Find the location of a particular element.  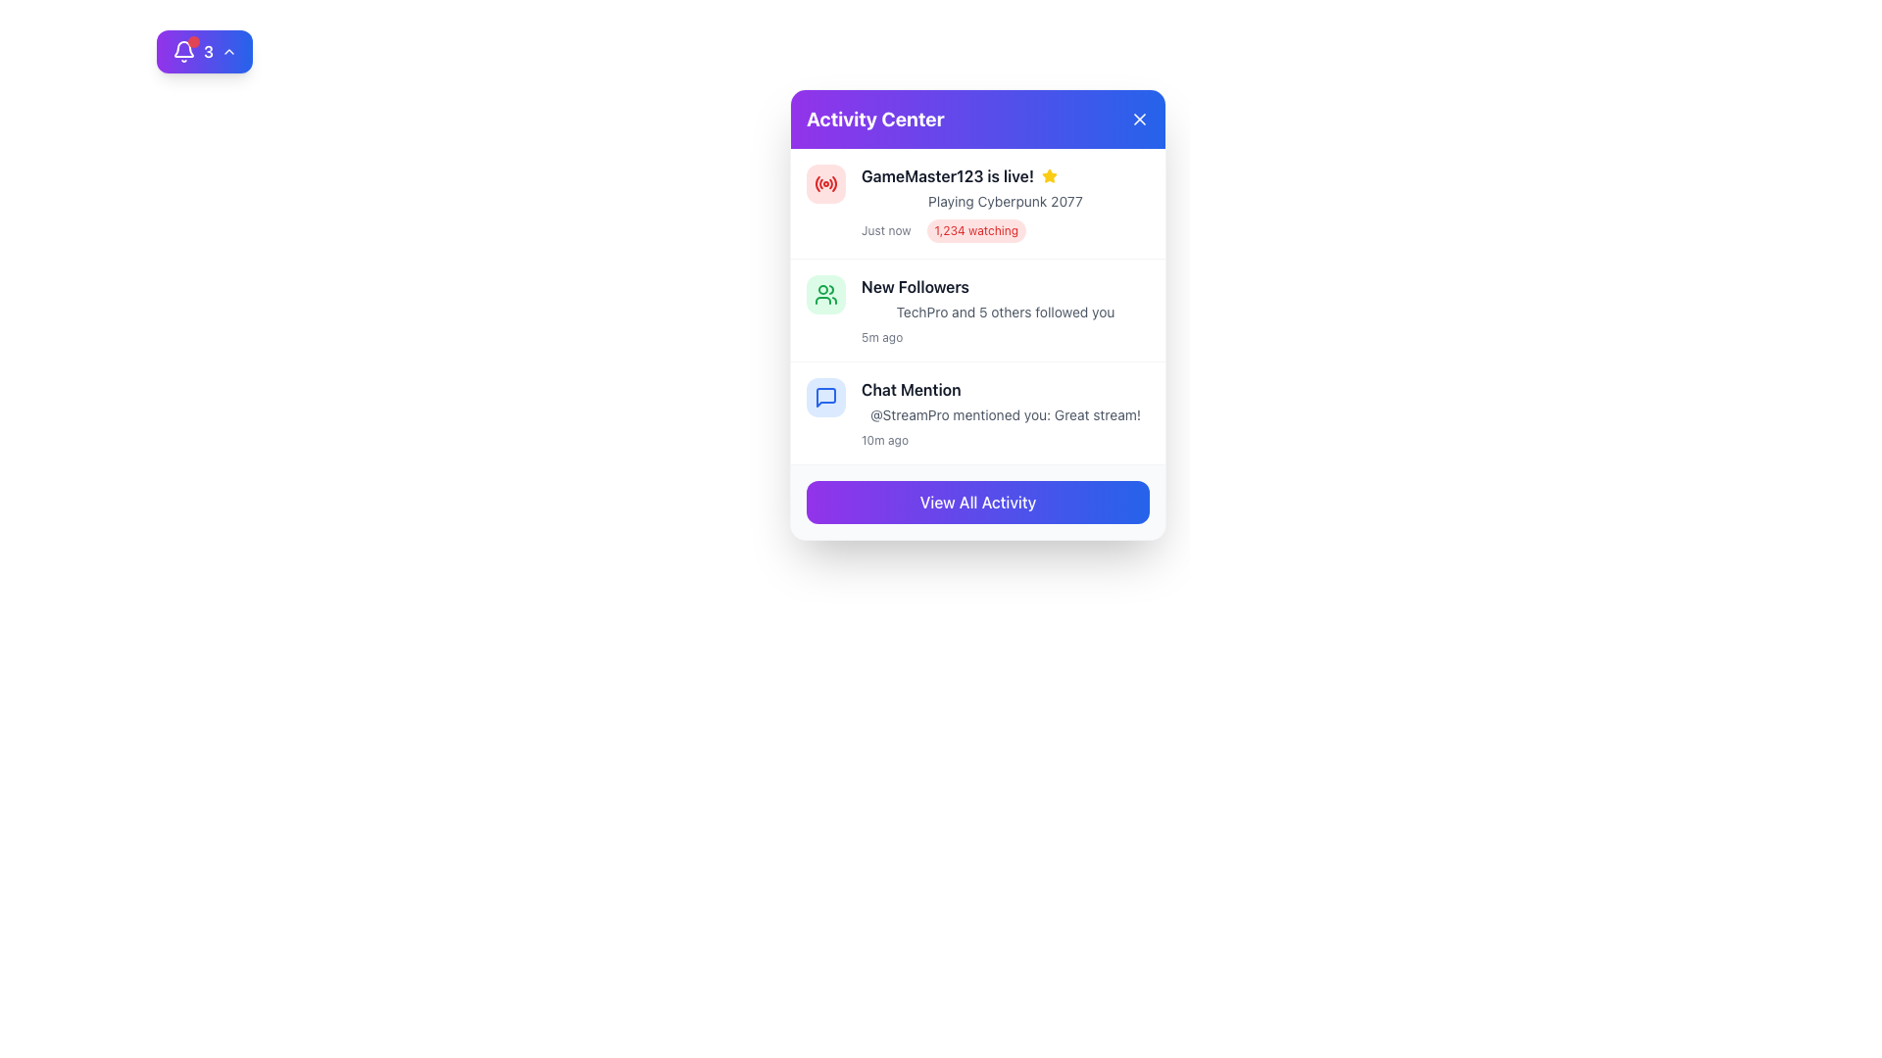

the chat notification icon positioned to the left of the '@StreamPro mentioned you: Great stream!' text in the 'Chat Mention' notification row is located at coordinates (826, 397).